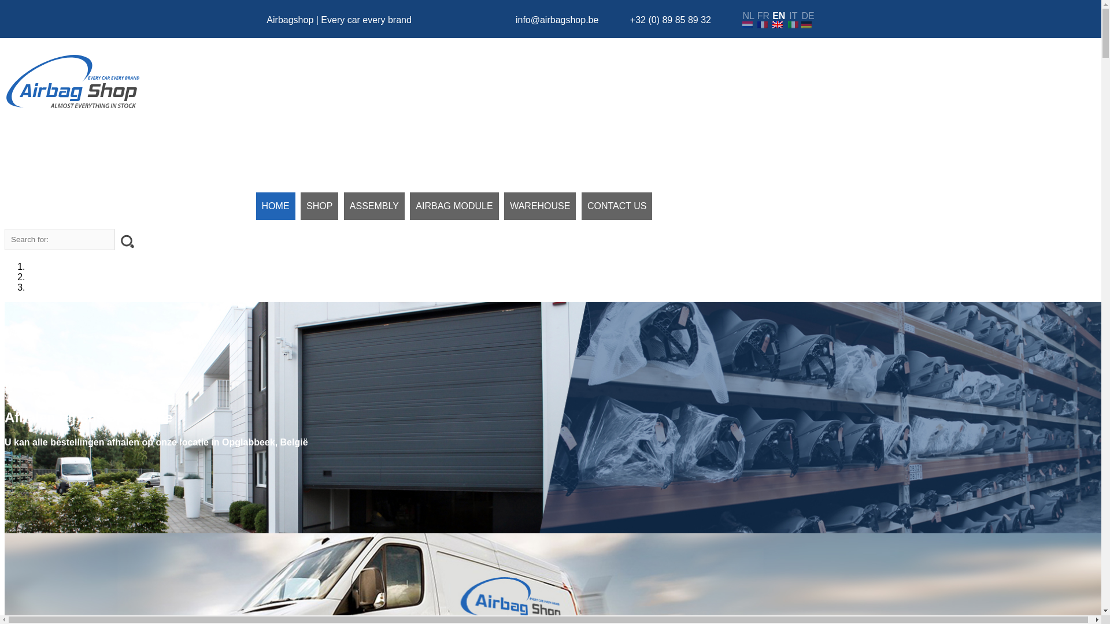  I want to click on 'ASSEMBLY', so click(343, 206).